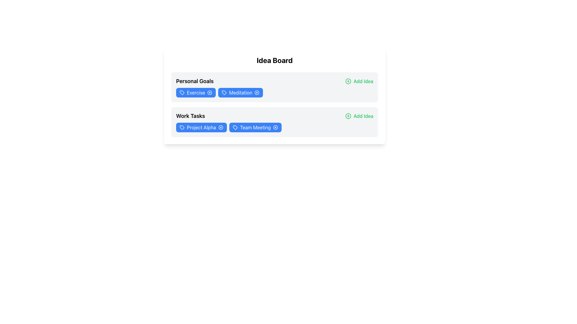  I want to click on the second 'Add Idea' button located to the right of the 'Work Tasks' section, so click(359, 116).